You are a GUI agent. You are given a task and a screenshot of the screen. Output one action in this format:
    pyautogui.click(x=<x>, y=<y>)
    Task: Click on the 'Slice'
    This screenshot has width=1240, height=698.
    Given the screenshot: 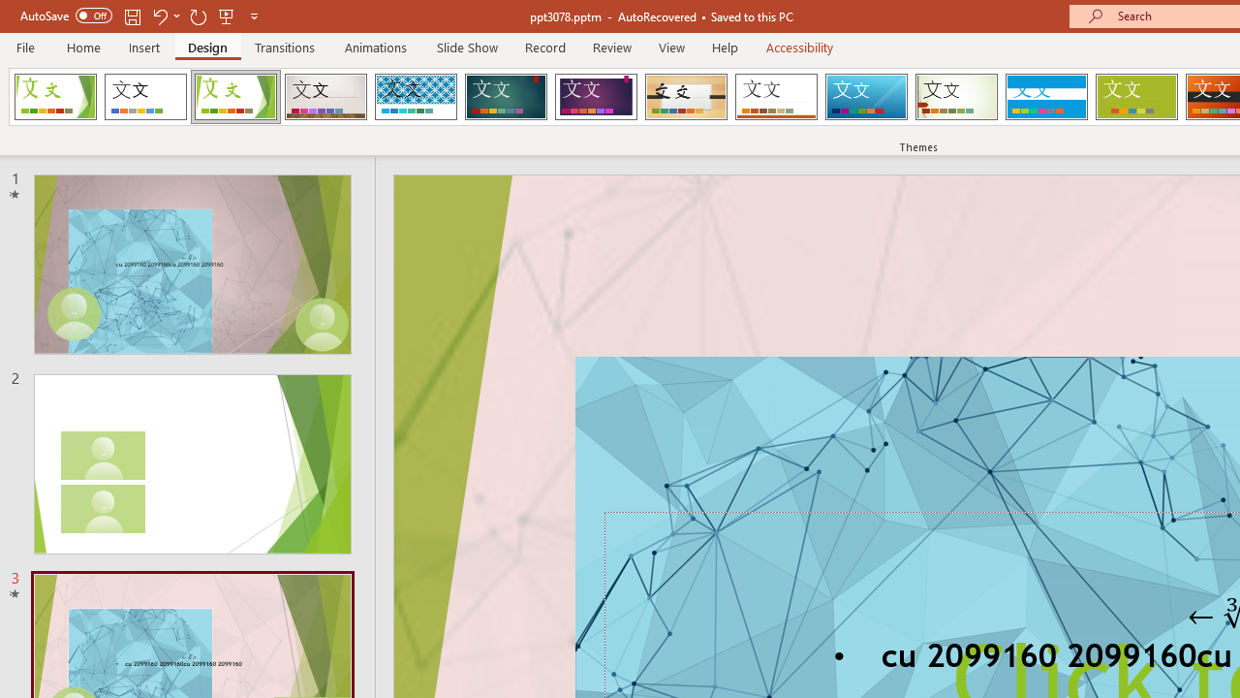 What is the action you would take?
    pyautogui.click(x=865, y=97)
    